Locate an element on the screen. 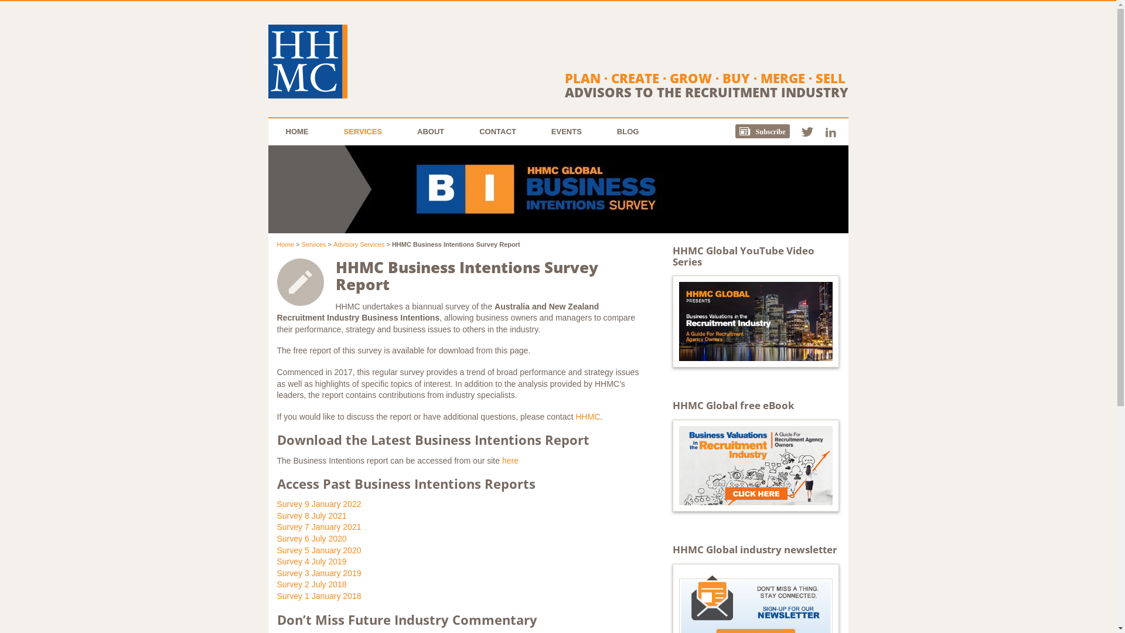 The width and height of the screenshot is (1125, 633). 'Subscribe' is located at coordinates (768, 131).